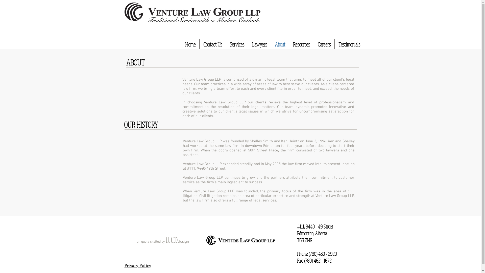  What do you see at coordinates (324, 44) in the screenshot?
I see `'Careers'` at bounding box center [324, 44].